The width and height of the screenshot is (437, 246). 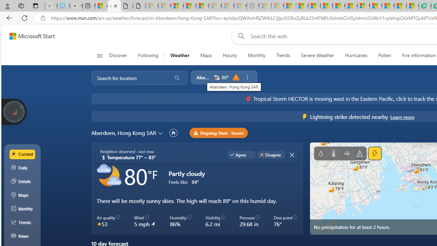 What do you see at coordinates (203, 77) in the screenshot?
I see `'Aberdeen'` at bounding box center [203, 77].